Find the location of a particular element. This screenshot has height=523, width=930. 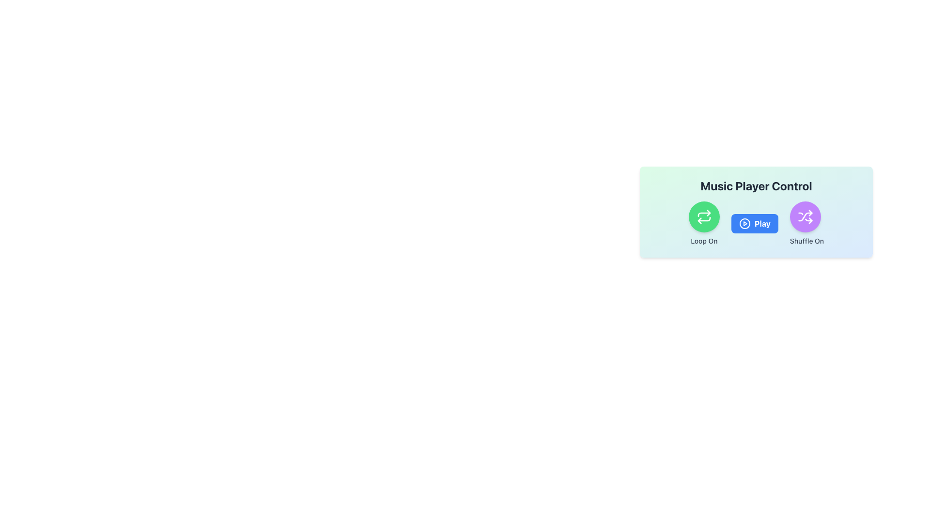

the small triangular arrow-like glyph element that is part of the looping icon in the 'Music Player Control' interface, located in the top-right corner of the icon is located at coordinates (709, 212).